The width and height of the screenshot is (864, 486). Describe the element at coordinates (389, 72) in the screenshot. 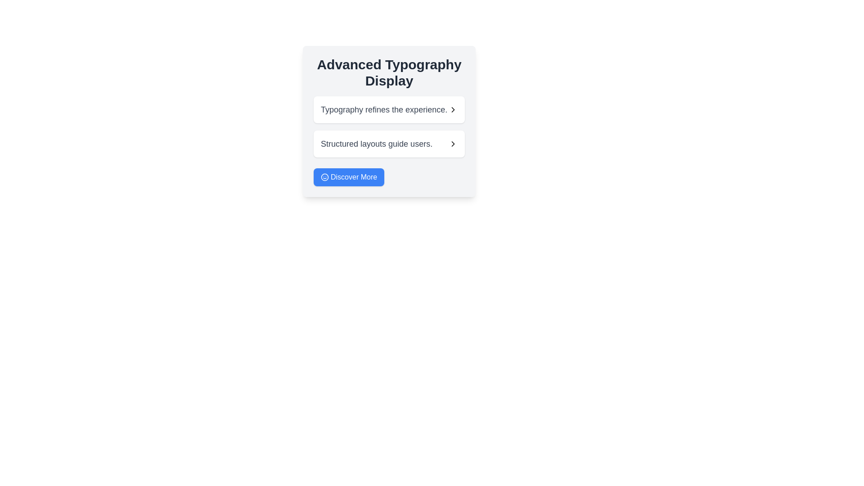

I see `the header element displaying 'Advanced Typography Display' which is styled in bold and large font, located centrally at the top of the card interface` at that location.